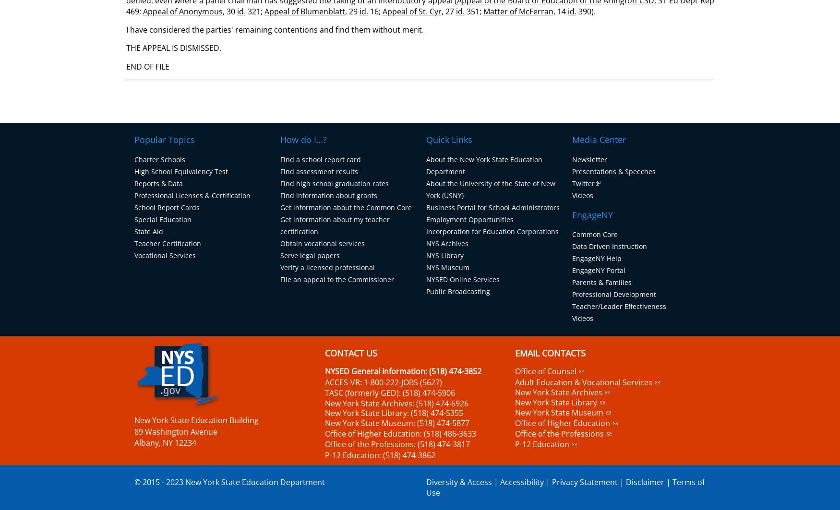  I want to click on 'Privacy Statement', so click(584, 481).